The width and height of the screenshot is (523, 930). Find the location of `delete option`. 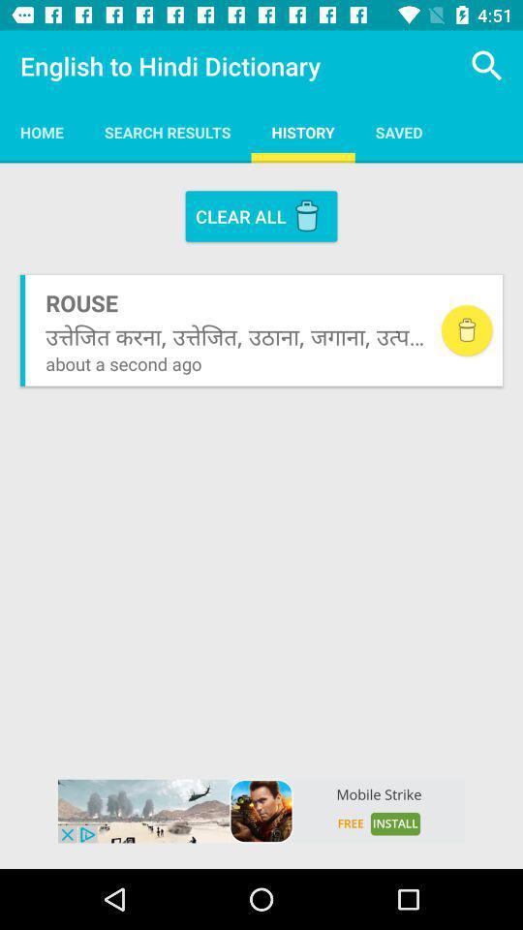

delete option is located at coordinates (466, 330).